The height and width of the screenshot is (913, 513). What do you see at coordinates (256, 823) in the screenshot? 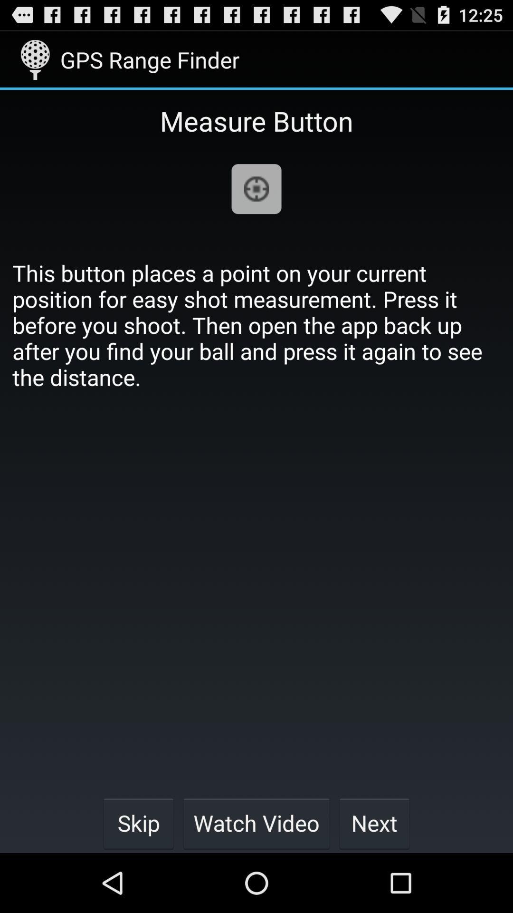
I see `the watch video` at bounding box center [256, 823].